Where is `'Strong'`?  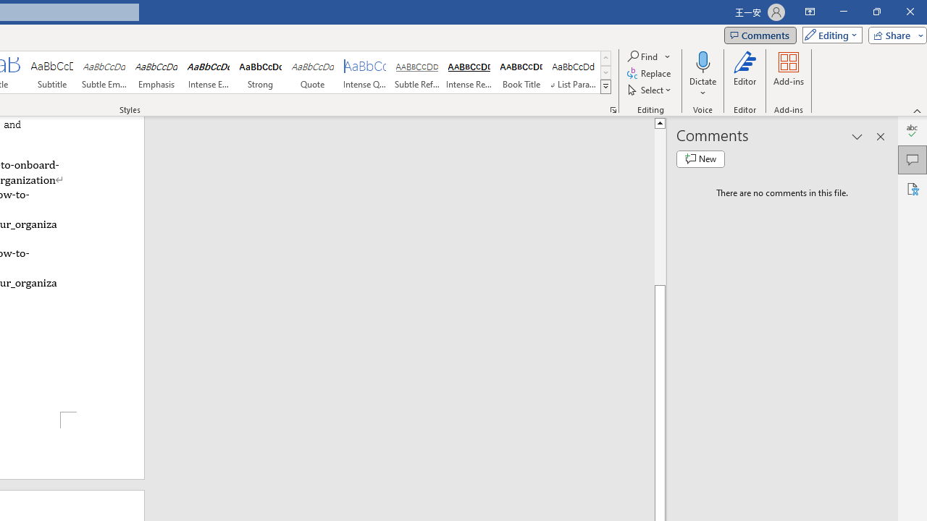
'Strong' is located at coordinates (260, 72).